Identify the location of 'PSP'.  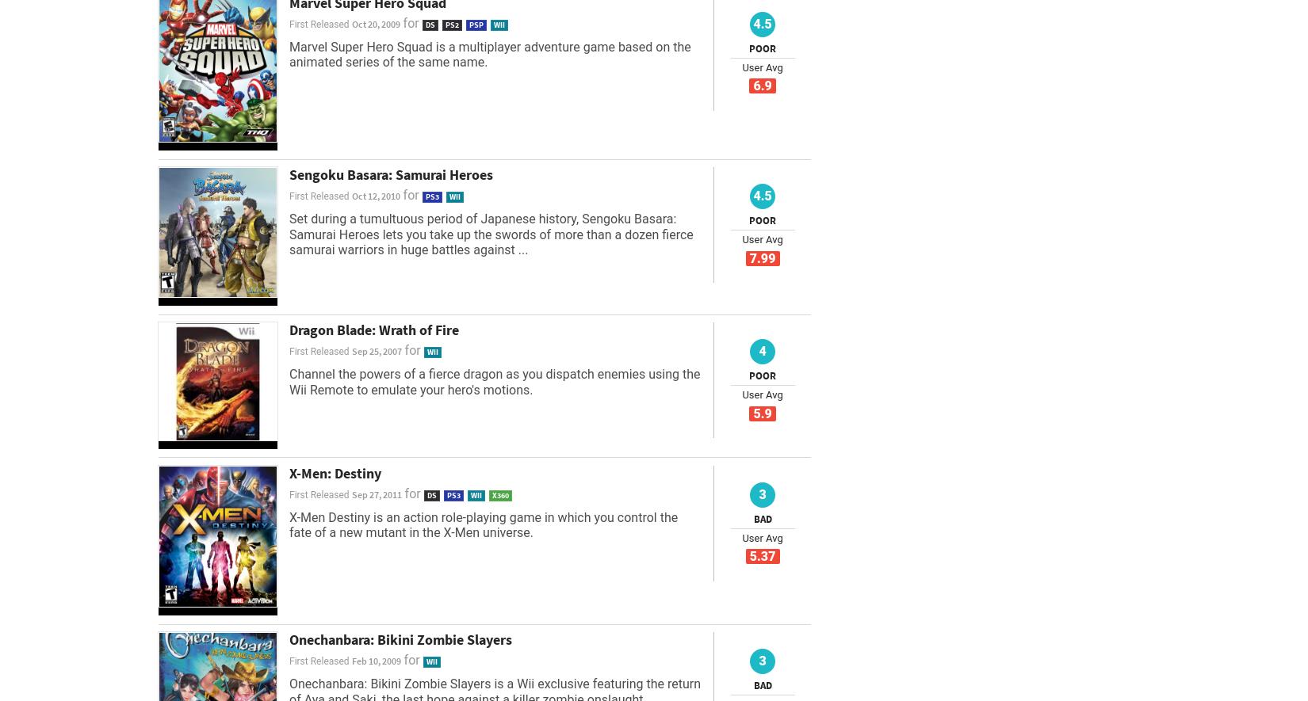
(468, 24).